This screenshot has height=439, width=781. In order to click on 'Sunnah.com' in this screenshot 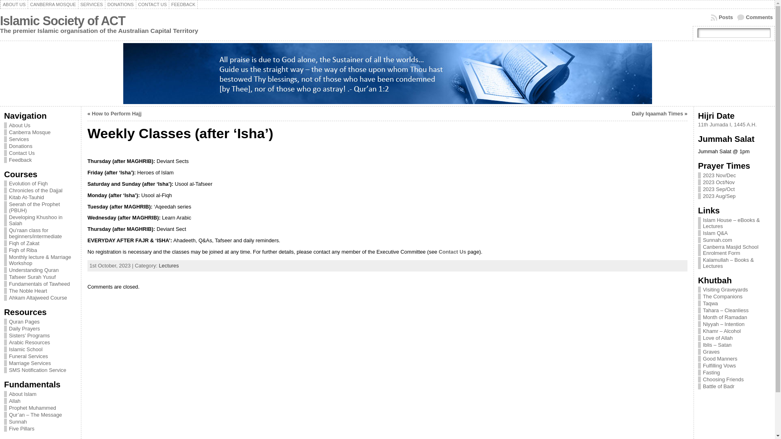, I will do `click(717, 239)`.